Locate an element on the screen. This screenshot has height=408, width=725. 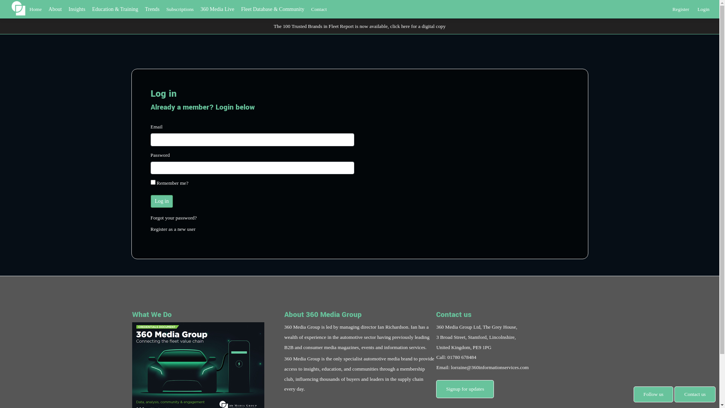
'Welcome to | Fleet Insight | 360 Media Group' is located at coordinates (18, 8).